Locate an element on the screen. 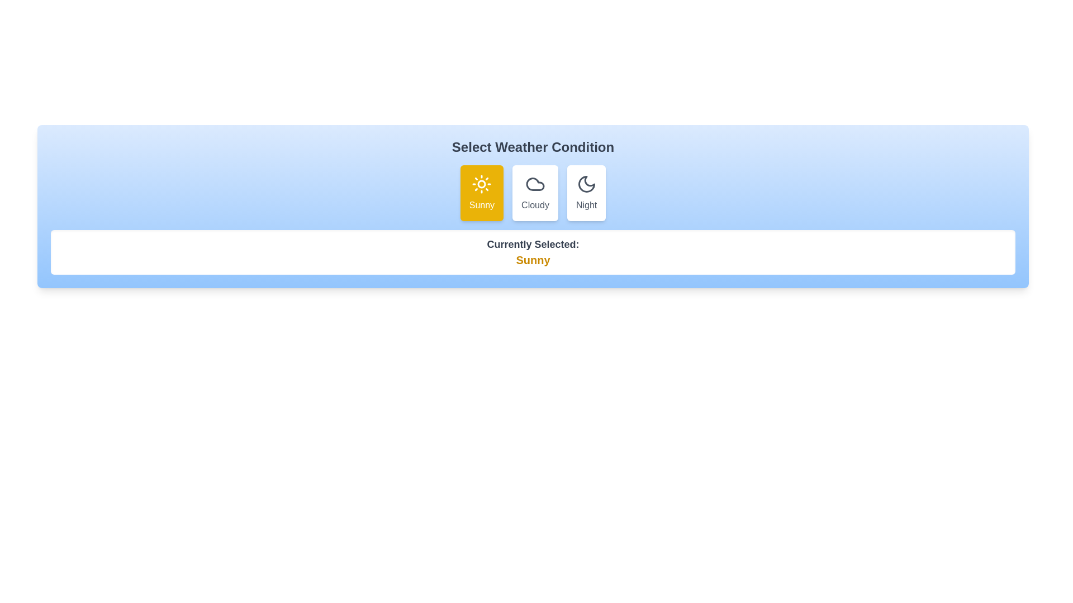 The image size is (1073, 603). the weather condition Night by clicking on the respective button is located at coordinates (586, 193).